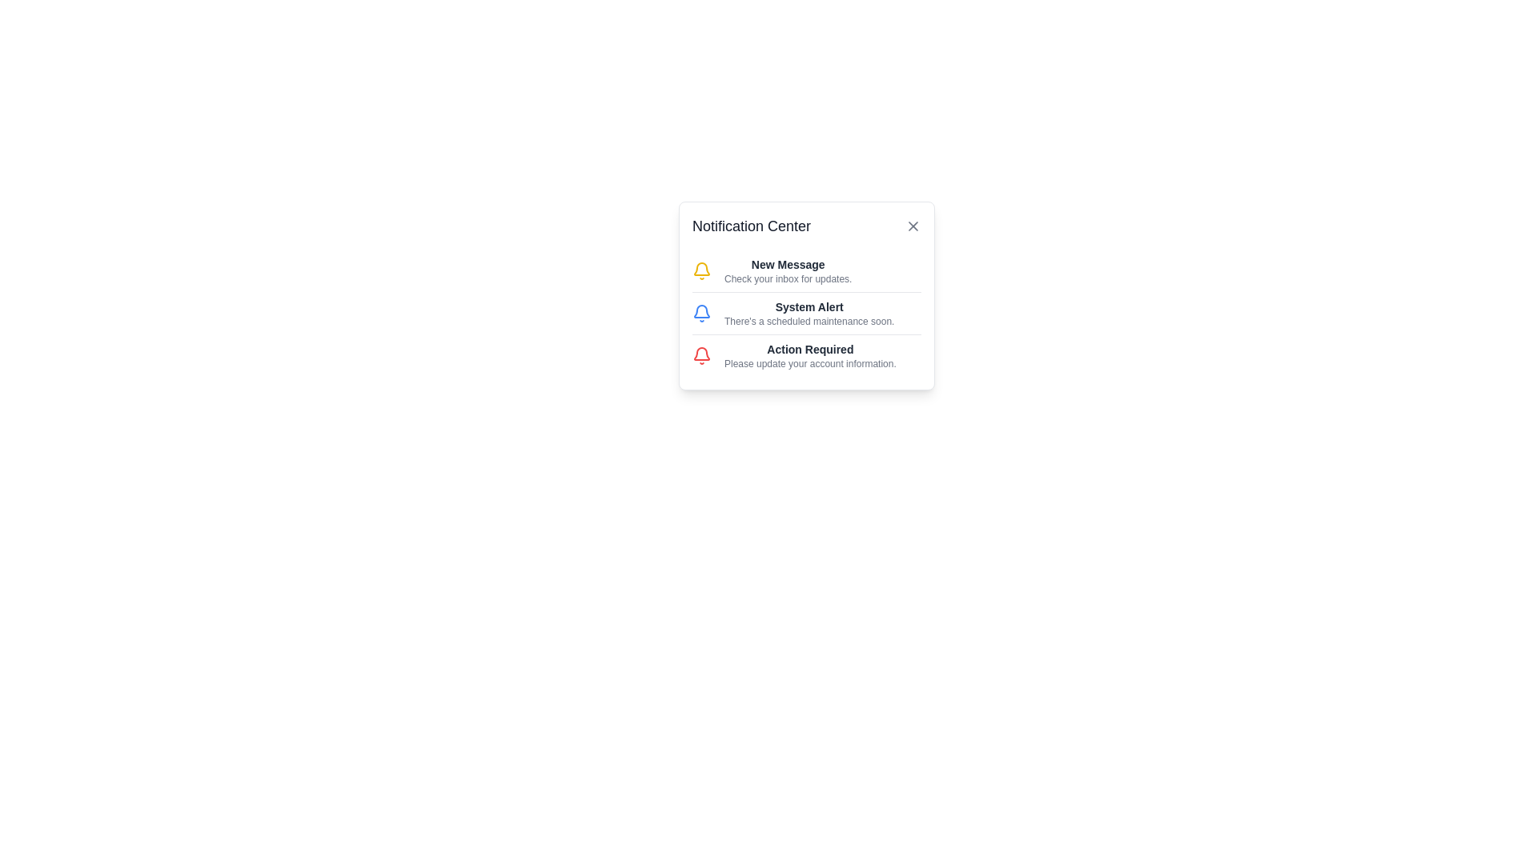 The width and height of the screenshot is (1537, 864). What do you see at coordinates (809, 321) in the screenshot?
I see `notification text displayed in light gray that says 'There's a scheduled maintenance soon', located below the 'System Alert' headline in the notification layout` at bounding box center [809, 321].